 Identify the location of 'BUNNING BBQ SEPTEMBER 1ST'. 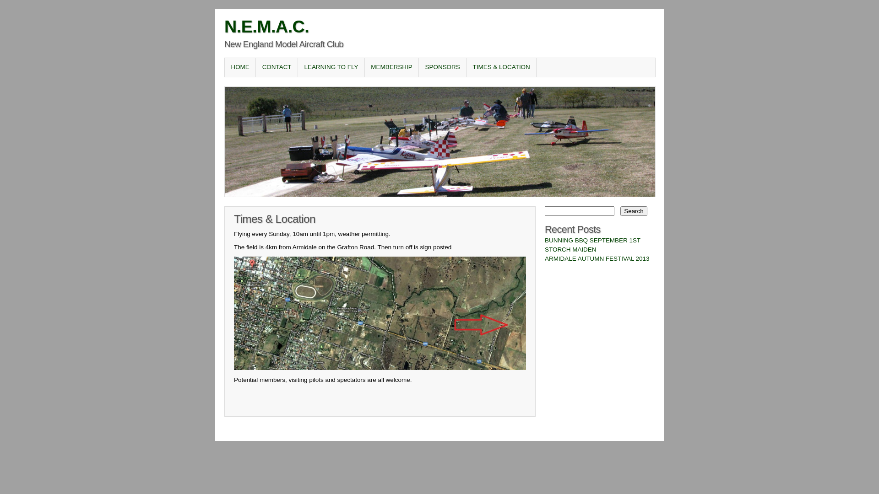
(592, 240).